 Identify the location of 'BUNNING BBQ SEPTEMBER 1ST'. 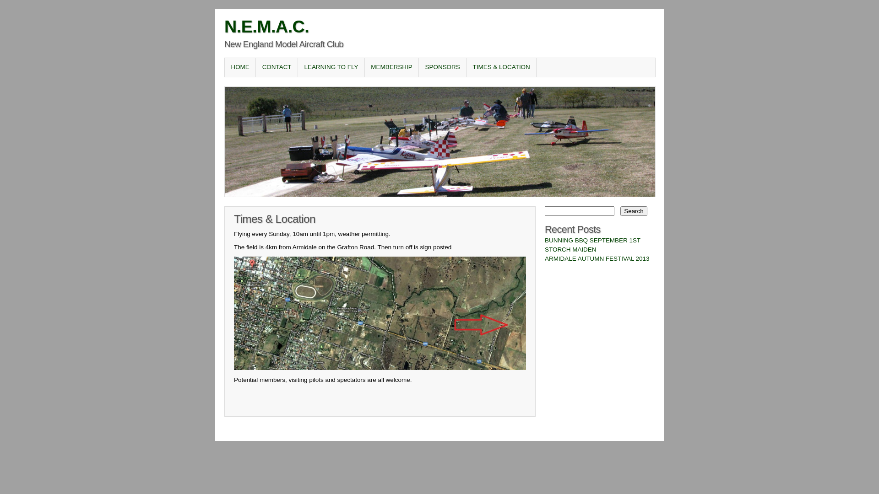
(592, 240).